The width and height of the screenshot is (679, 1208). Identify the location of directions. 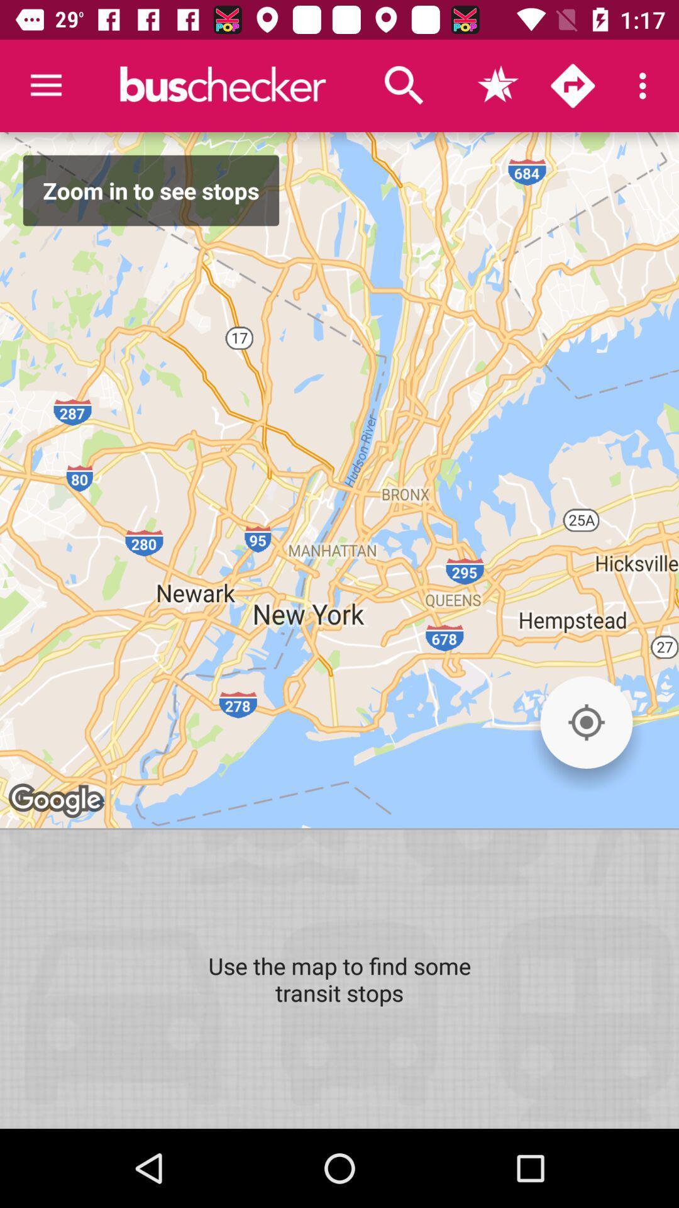
(573, 85).